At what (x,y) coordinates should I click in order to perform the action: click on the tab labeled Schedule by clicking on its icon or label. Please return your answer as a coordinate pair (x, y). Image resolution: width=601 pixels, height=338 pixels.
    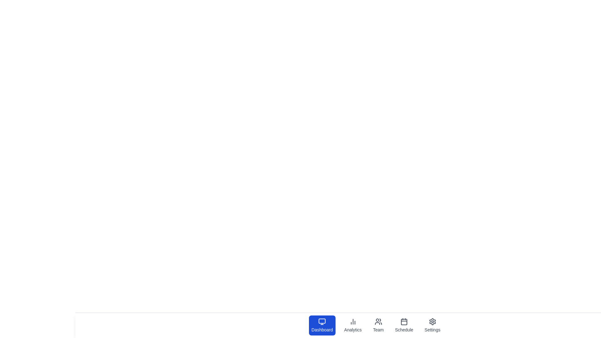
    Looking at the image, I should click on (404, 325).